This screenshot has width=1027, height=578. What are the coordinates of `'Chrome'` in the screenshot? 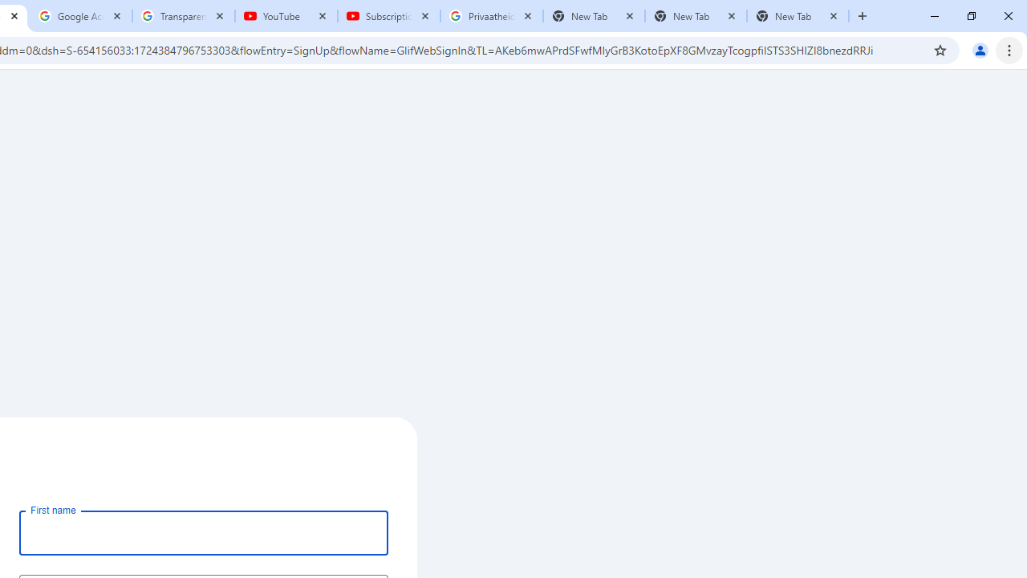 It's located at (1010, 49).